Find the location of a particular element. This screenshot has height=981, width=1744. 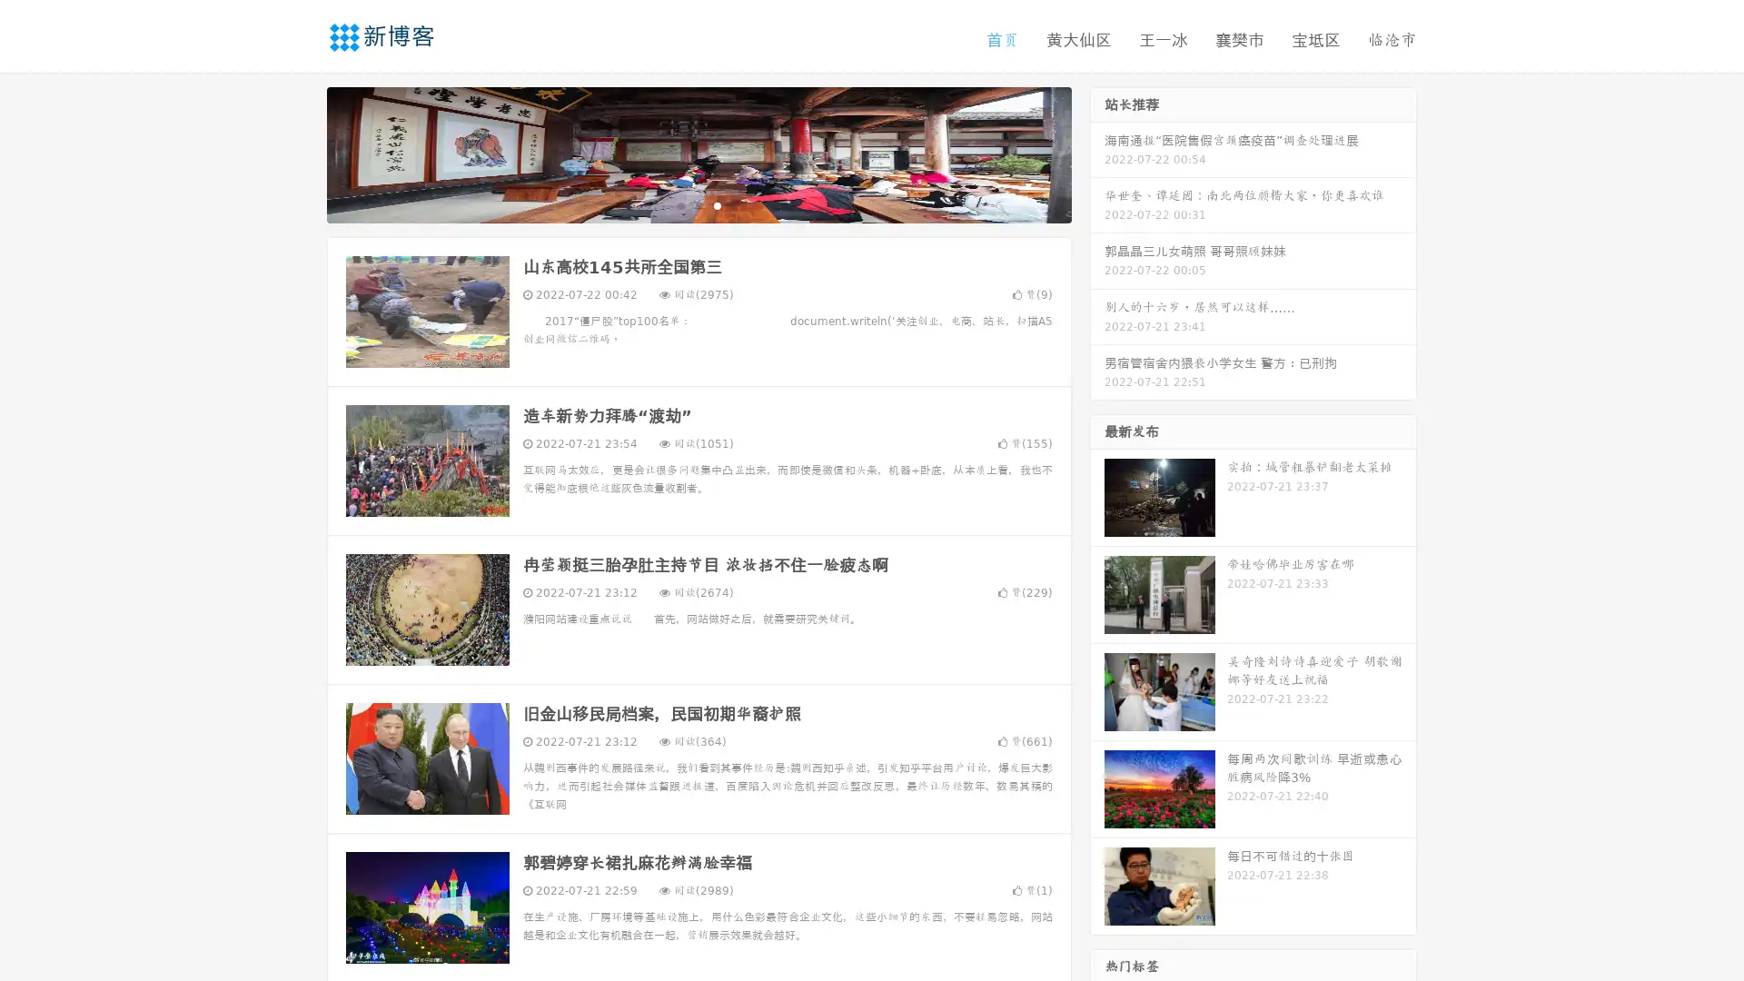

Go to slide 2 is located at coordinates (698, 204).